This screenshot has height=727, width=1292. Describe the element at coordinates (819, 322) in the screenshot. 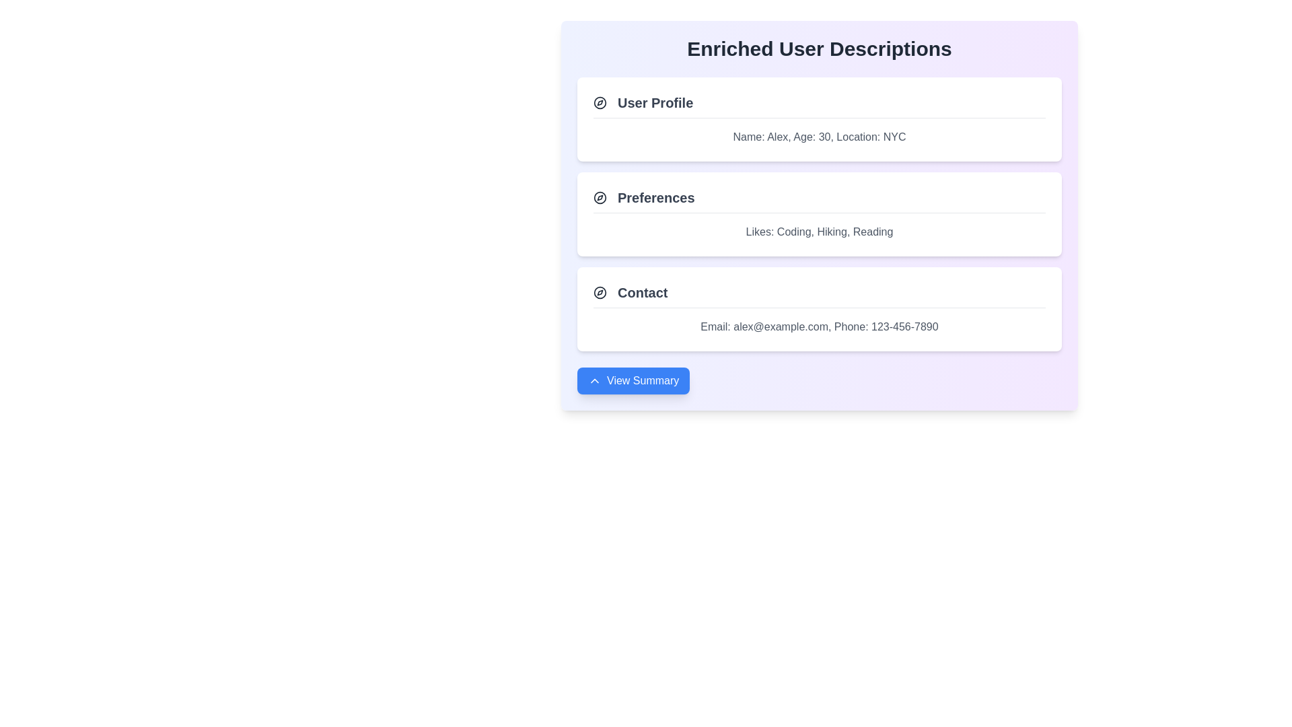

I see `the text block displaying contact information (Email: alex@example.com, Phone: 123-456-7890) located below the 'Contact' title` at that location.